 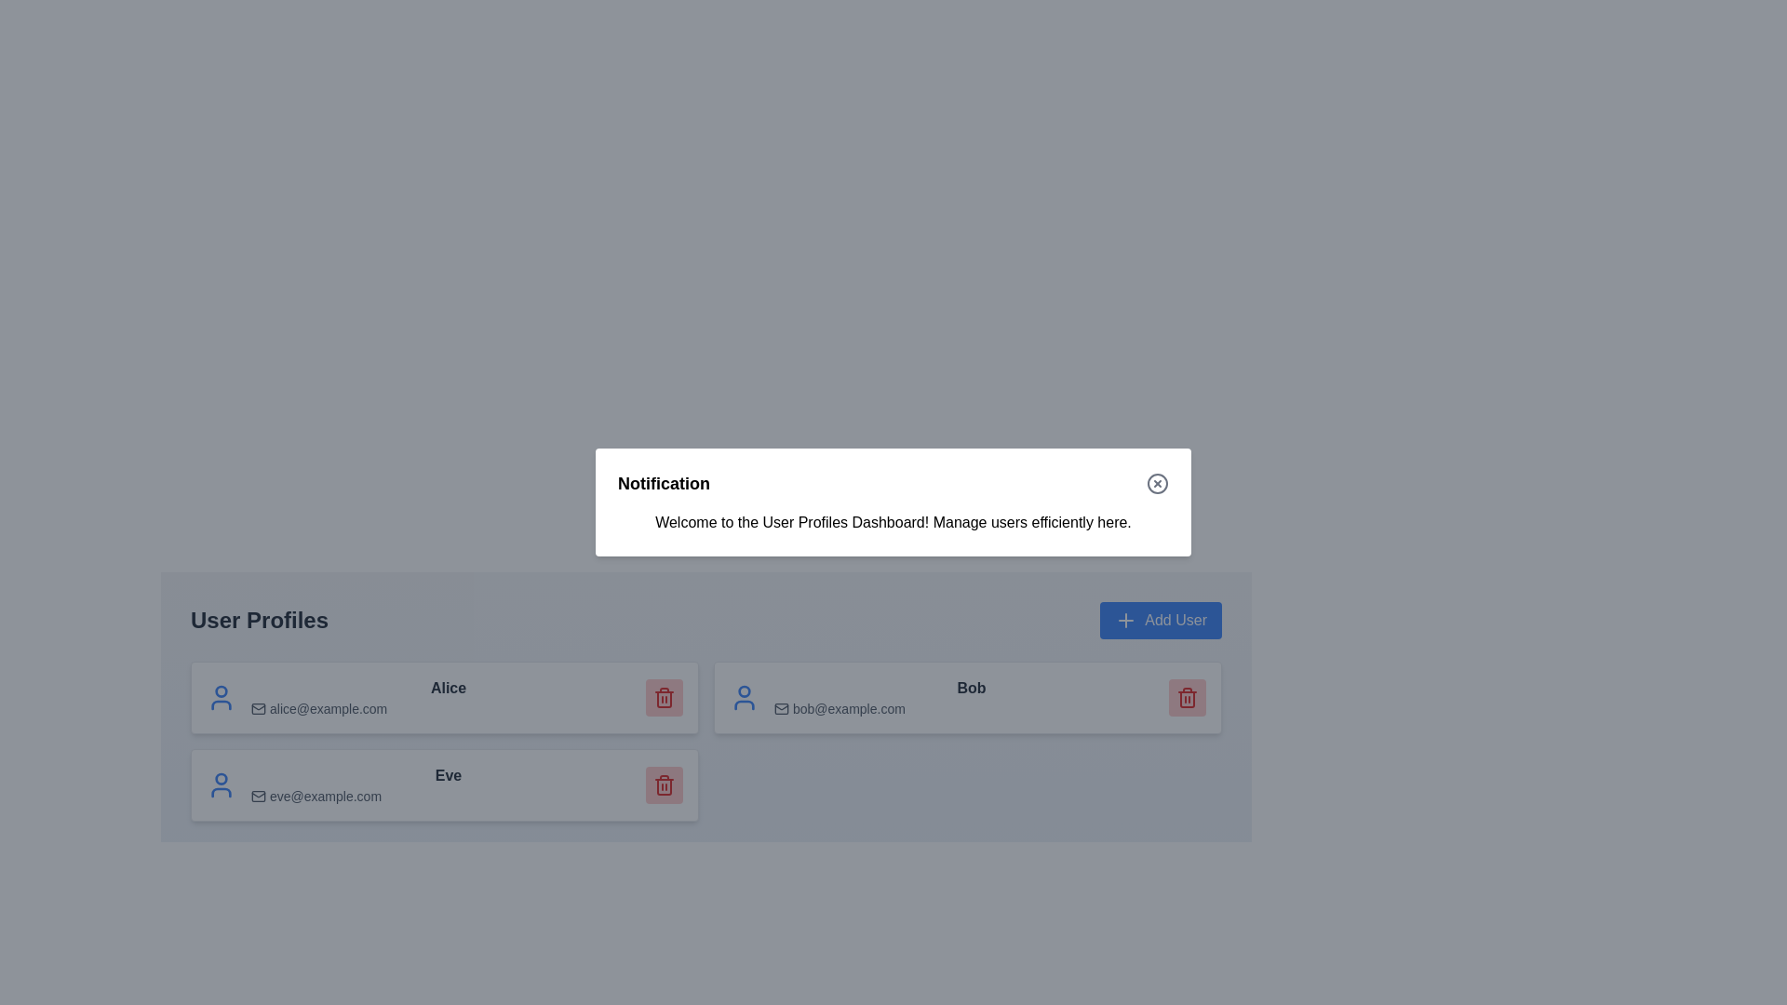 What do you see at coordinates (258, 709) in the screenshot?
I see `the email icon located at the start of the user profile card, which indicates the adjacent text is an email address` at bounding box center [258, 709].